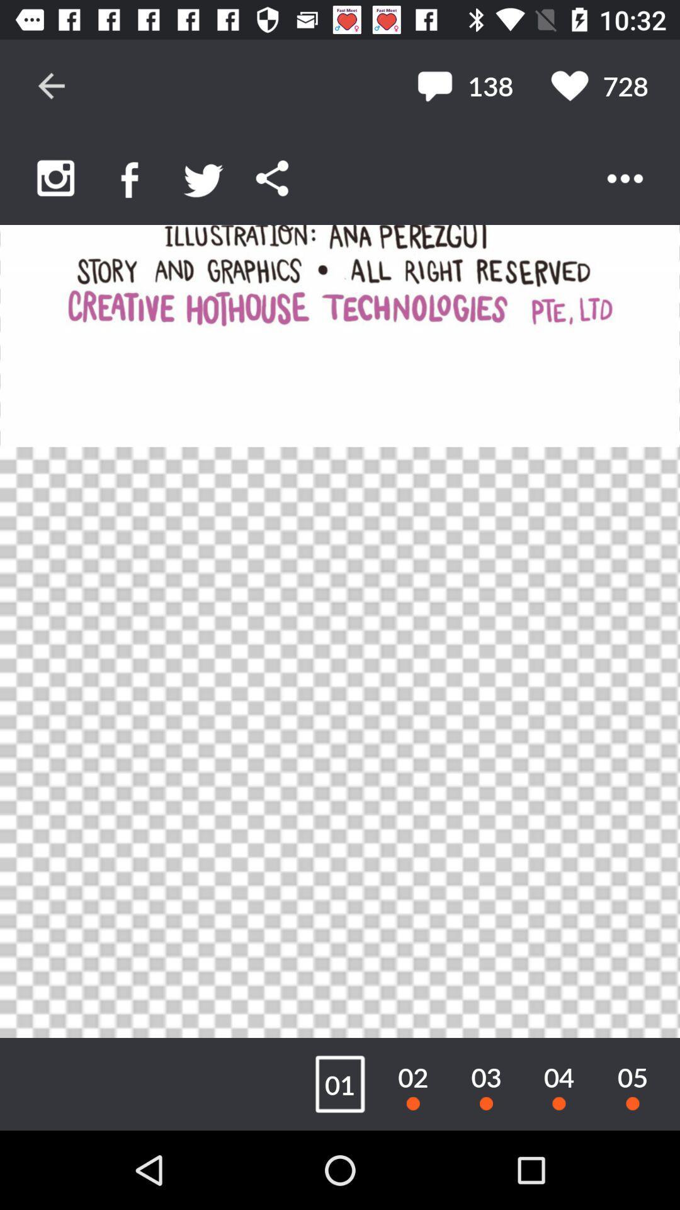  What do you see at coordinates (55, 178) in the screenshot?
I see `upload pictures` at bounding box center [55, 178].